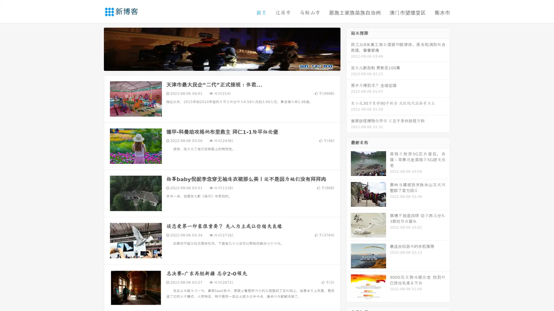 The width and height of the screenshot is (554, 311). Describe the element at coordinates (349, 48) in the screenshot. I see `Next slide` at that location.